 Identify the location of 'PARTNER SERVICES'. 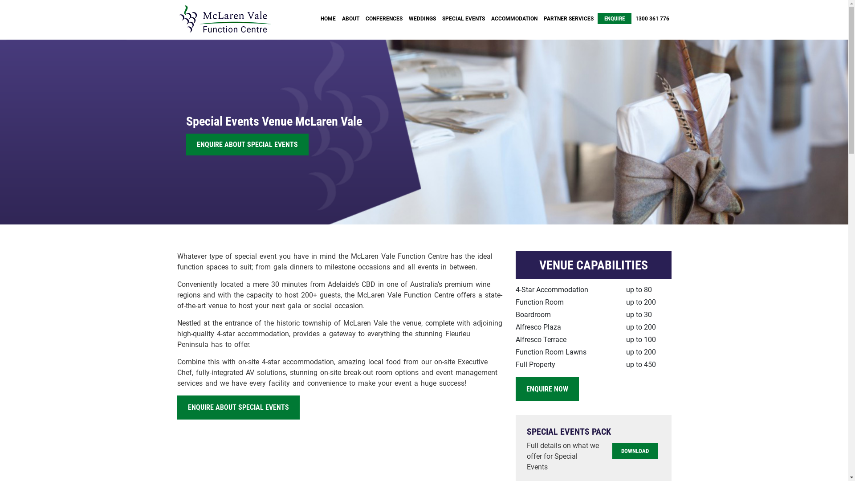
(541, 19).